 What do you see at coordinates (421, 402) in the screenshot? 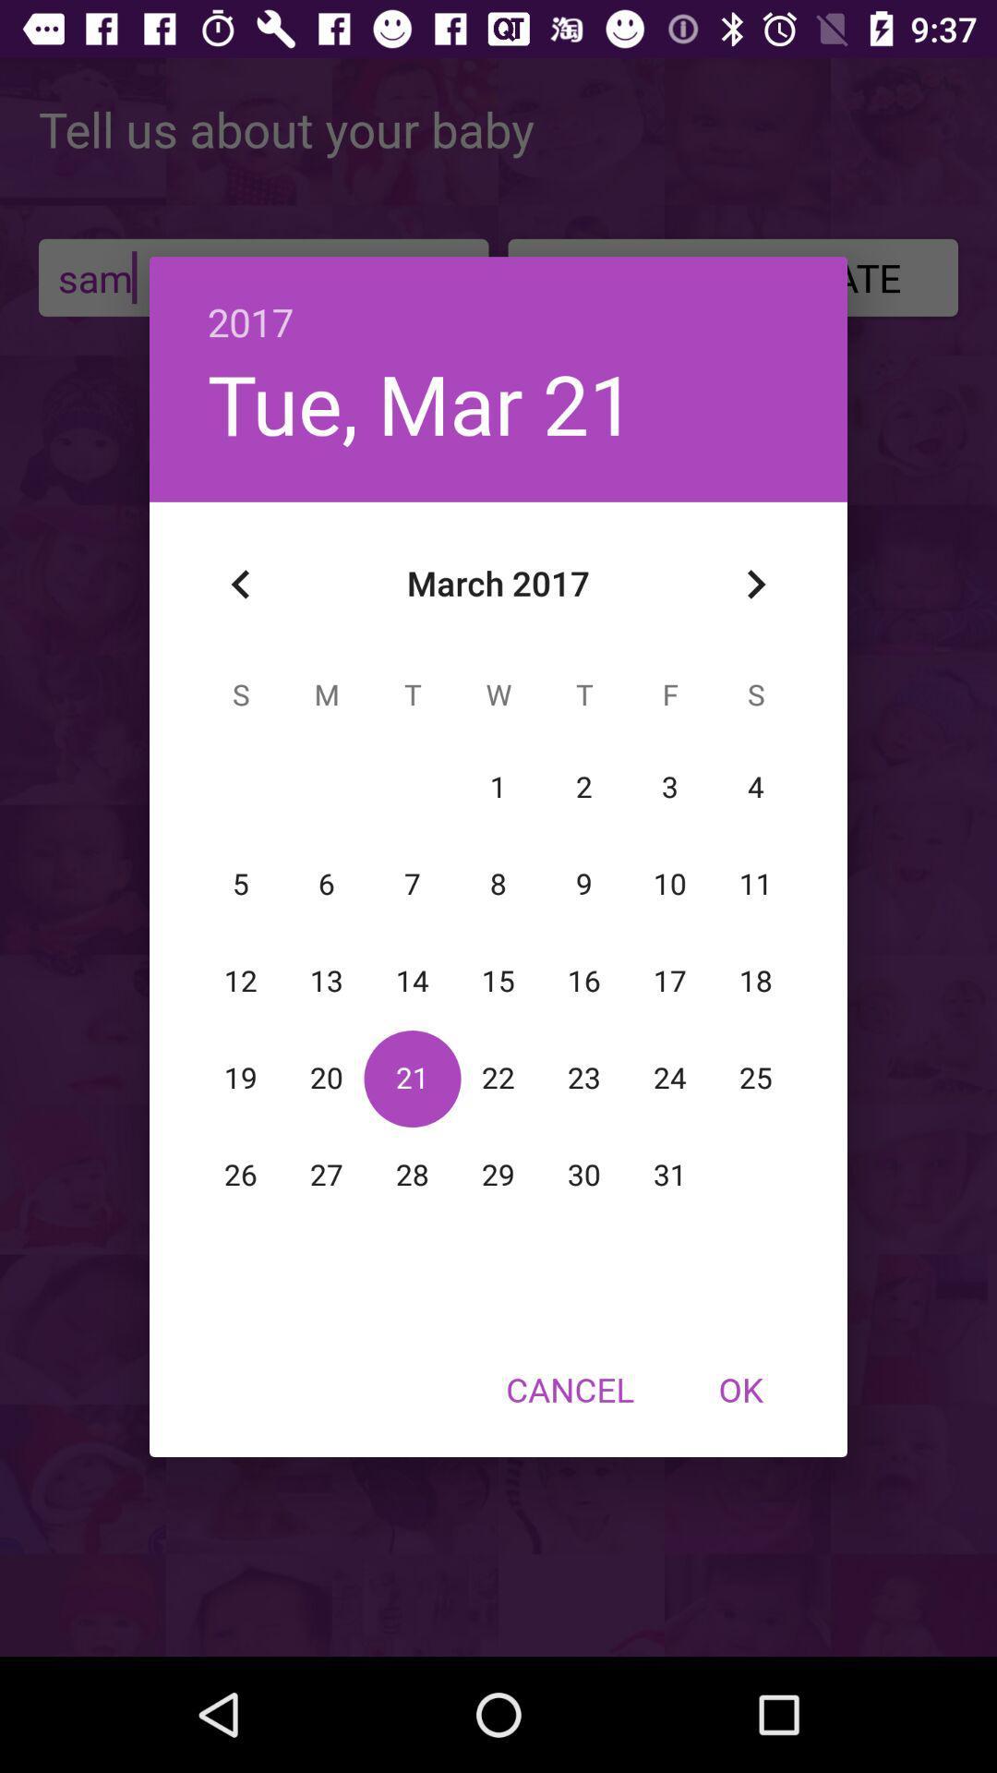
I see `the tue, mar 21 icon` at bounding box center [421, 402].